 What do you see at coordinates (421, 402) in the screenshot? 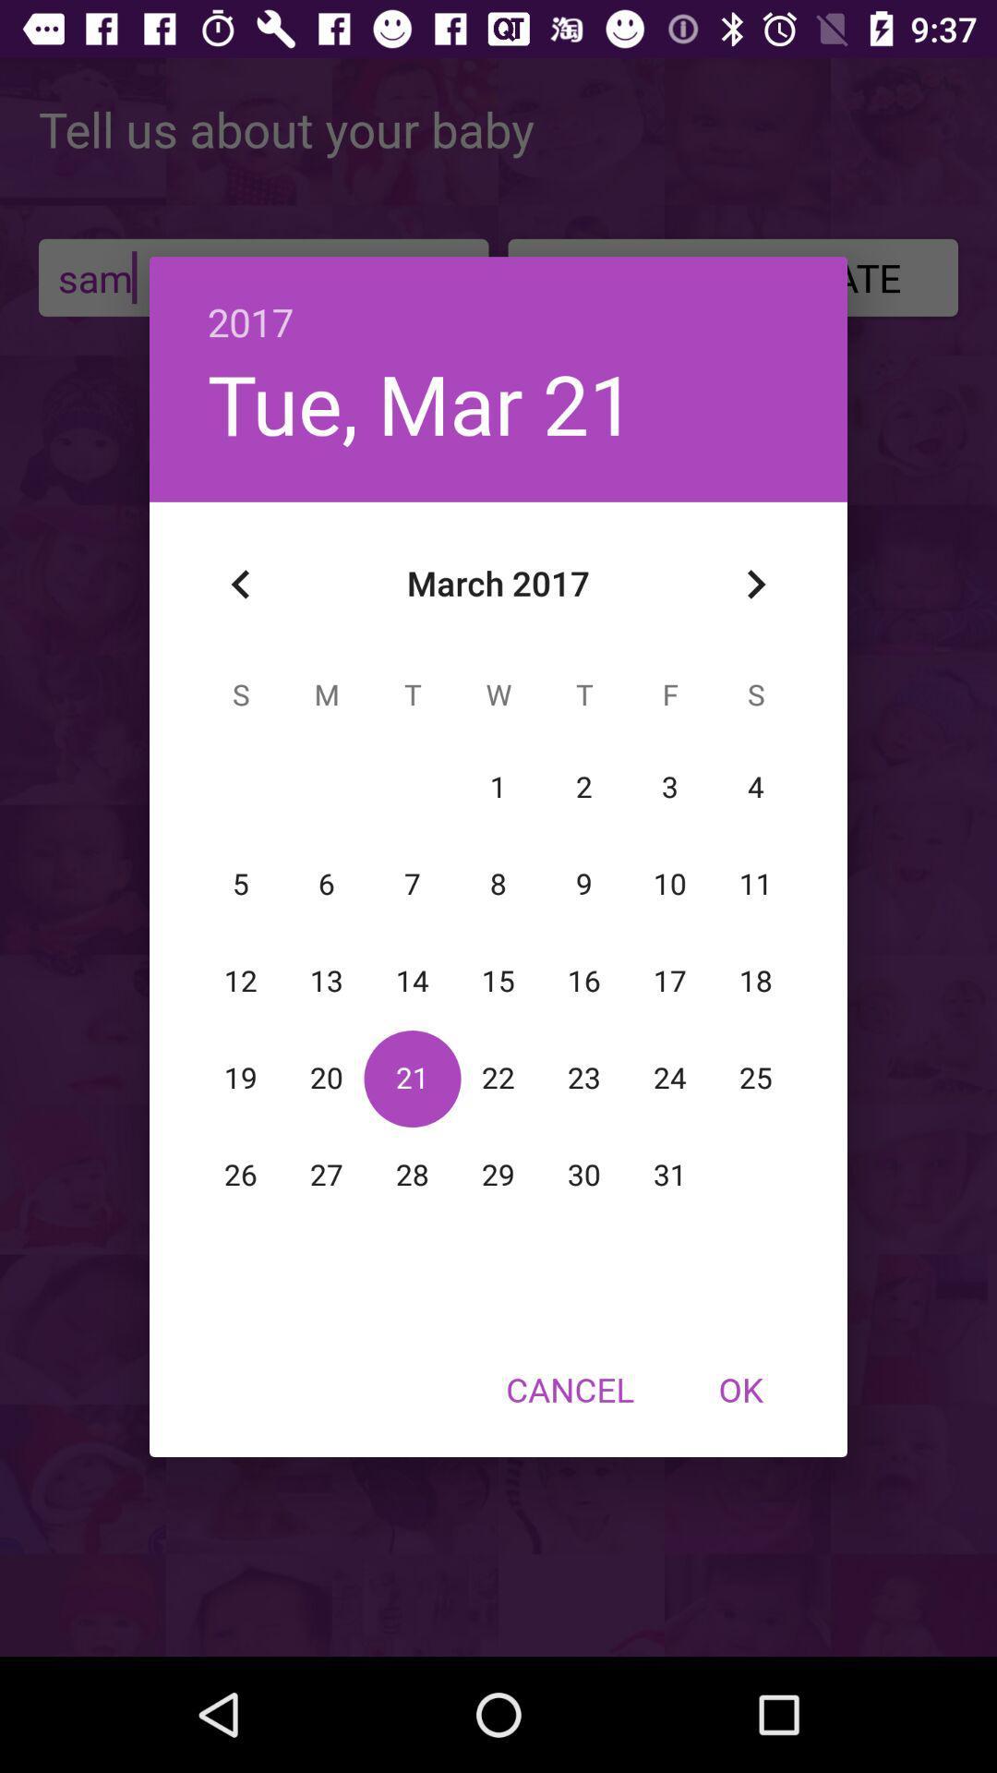
I see `the tue, mar 21 icon` at bounding box center [421, 402].